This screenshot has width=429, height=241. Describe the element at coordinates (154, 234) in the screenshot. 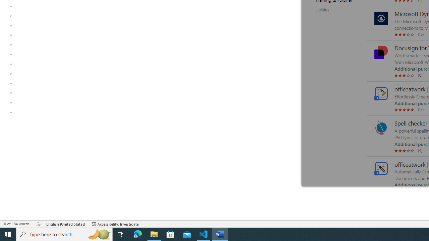

I see `'File Explorer - 1 running window'` at that location.